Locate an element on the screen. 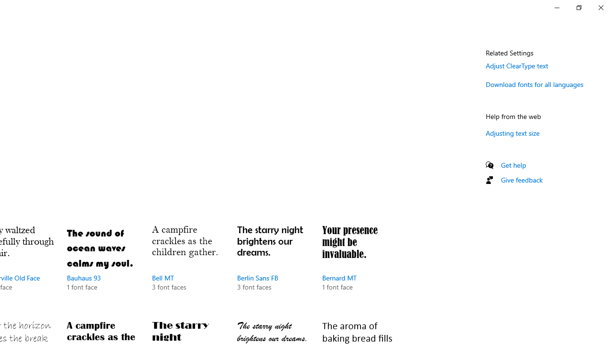 The image size is (612, 344). 'Get help' is located at coordinates (513, 164).